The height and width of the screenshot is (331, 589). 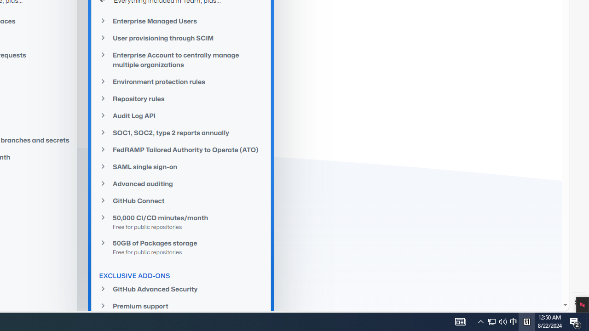 What do you see at coordinates (181, 200) in the screenshot?
I see `'GitHub Connect'` at bounding box center [181, 200].